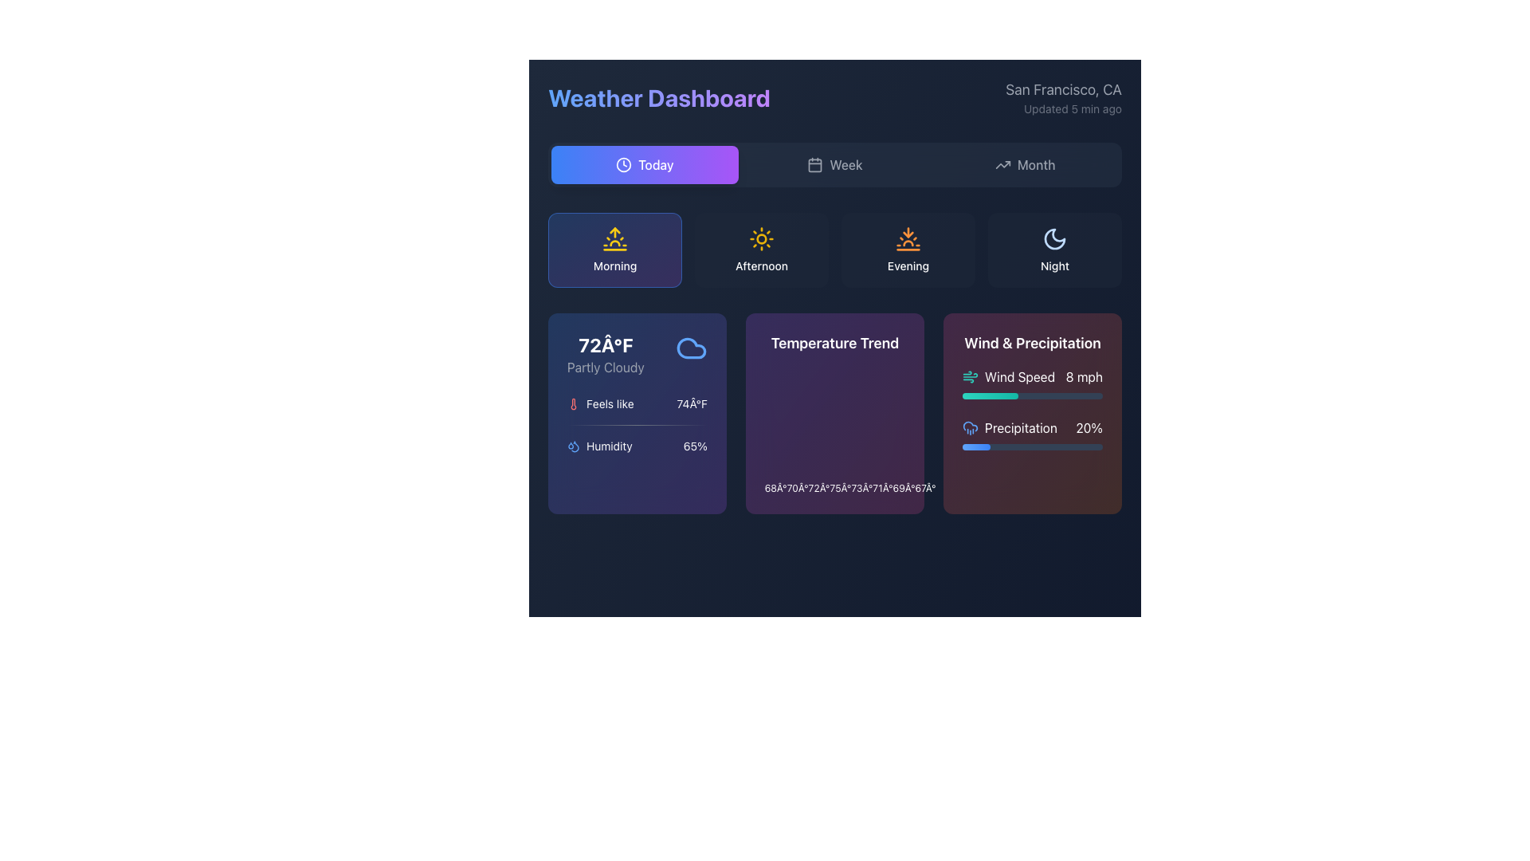 This screenshot has height=861, width=1530. What do you see at coordinates (637, 424) in the screenshot?
I see `the thin horizontal divider styled as a gradient line, located between the 'Feels like' and 'Humidity' textual elements in the weather component` at bounding box center [637, 424].